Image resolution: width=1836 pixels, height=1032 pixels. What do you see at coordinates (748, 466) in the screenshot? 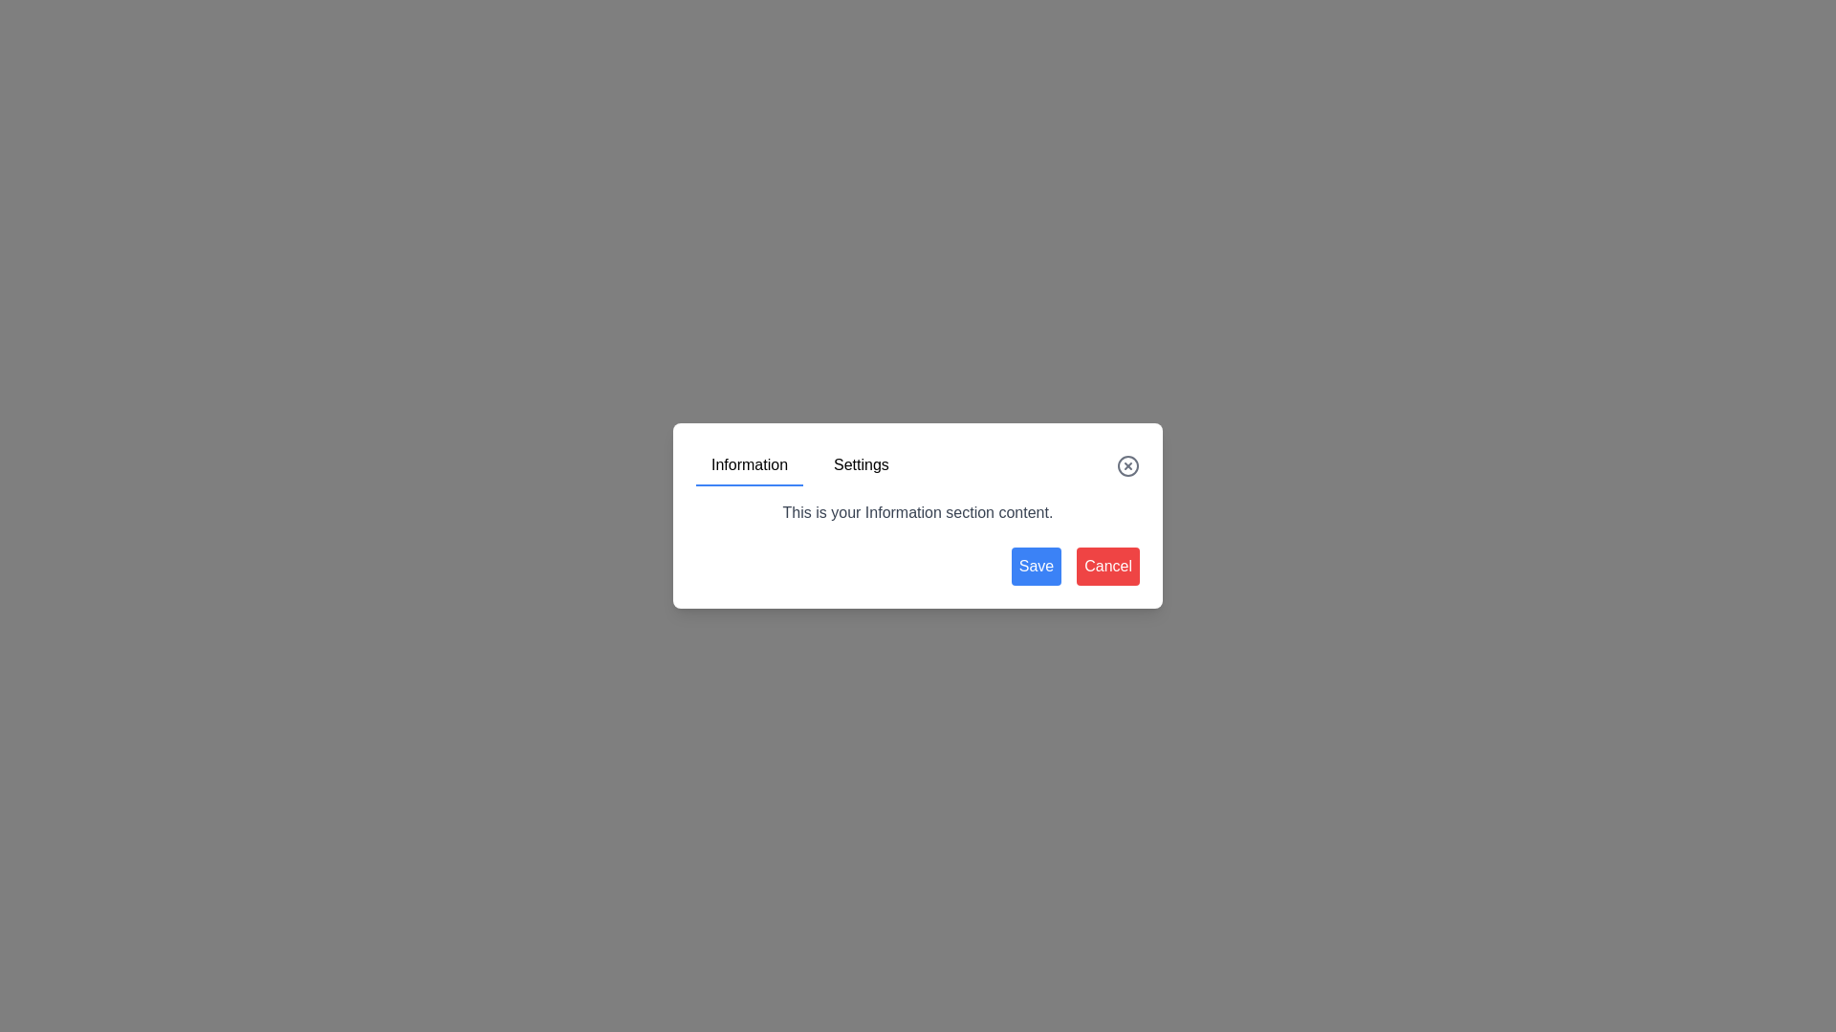
I see `the 'Information' tab in the modal dialog` at bounding box center [748, 466].